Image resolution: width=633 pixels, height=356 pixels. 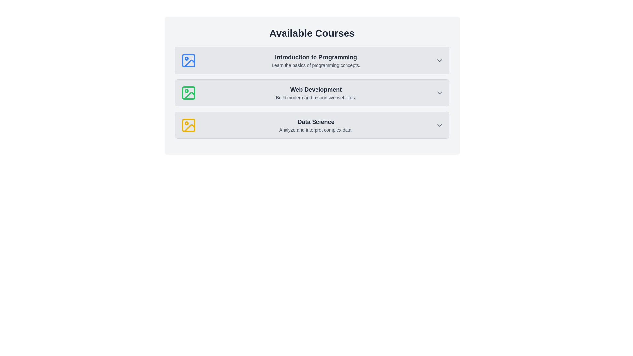 I want to click on the icon representing the 'Introduction to Programming' course located to the far left of the first course option in the list of available courses, so click(x=188, y=61).